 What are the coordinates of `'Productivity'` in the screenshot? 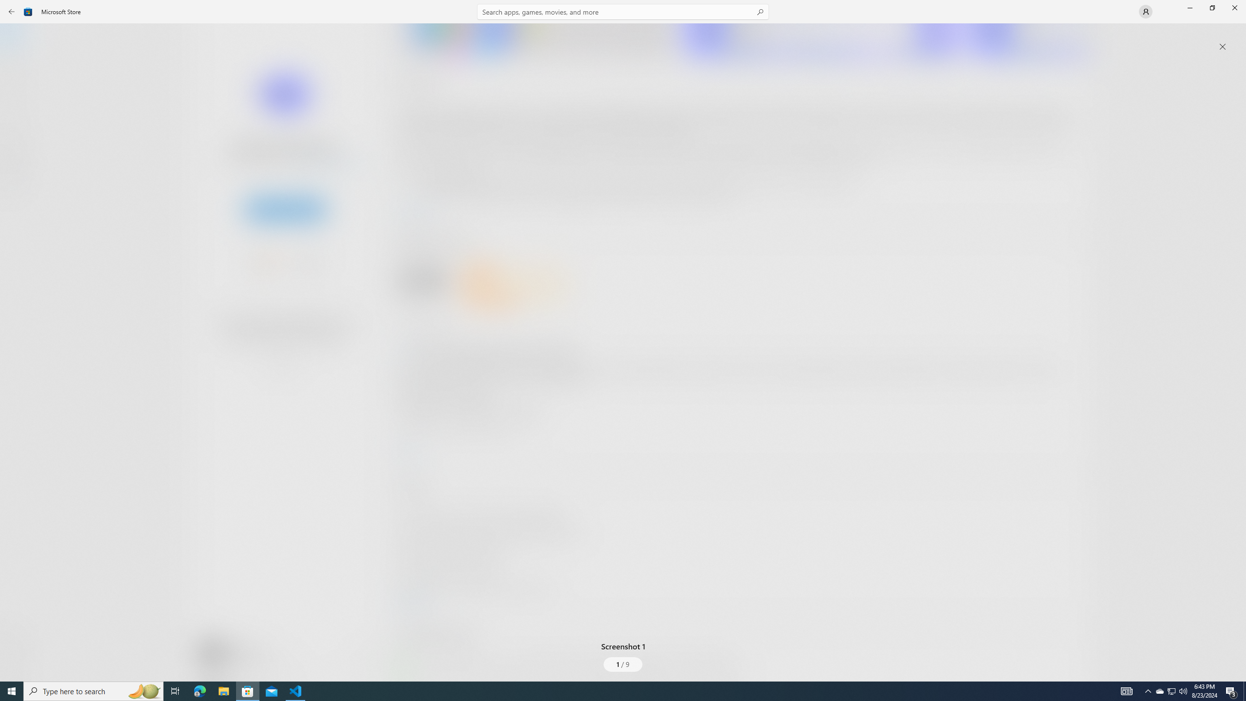 It's located at (281, 365).